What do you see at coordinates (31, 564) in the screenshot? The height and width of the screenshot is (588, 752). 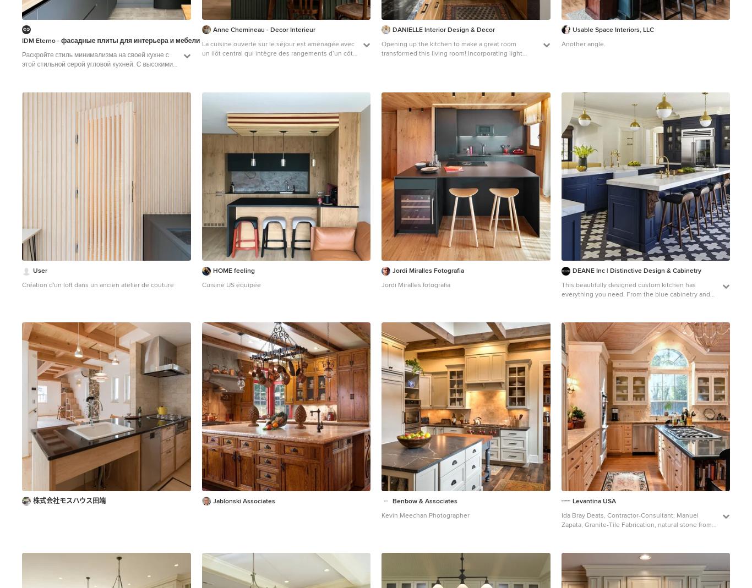 I see `'Premier'` at bounding box center [31, 564].